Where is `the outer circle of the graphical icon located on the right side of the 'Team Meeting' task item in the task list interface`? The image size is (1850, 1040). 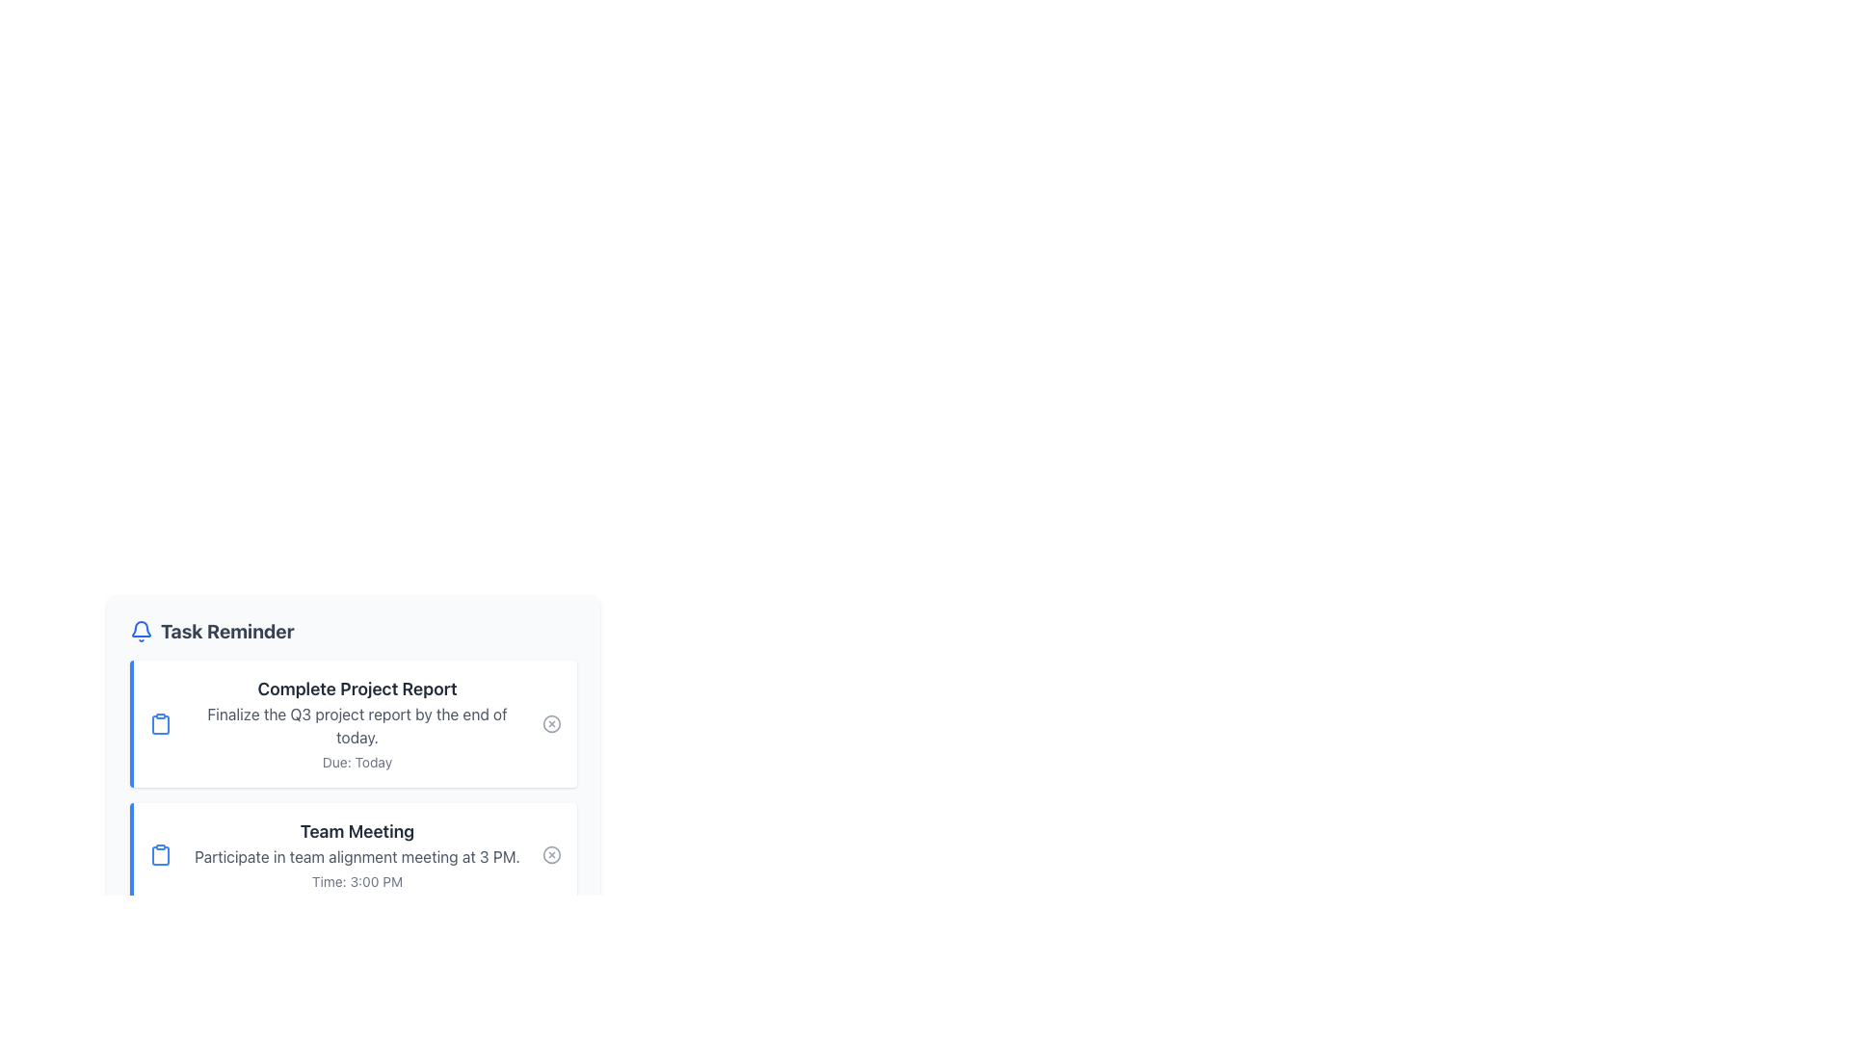 the outer circle of the graphical icon located on the right side of the 'Team Meeting' task item in the task list interface is located at coordinates (550, 853).